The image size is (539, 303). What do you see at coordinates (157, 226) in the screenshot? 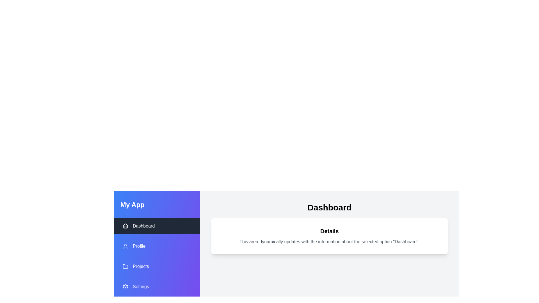
I see `the menu item Dashboard` at bounding box center [157, 226].